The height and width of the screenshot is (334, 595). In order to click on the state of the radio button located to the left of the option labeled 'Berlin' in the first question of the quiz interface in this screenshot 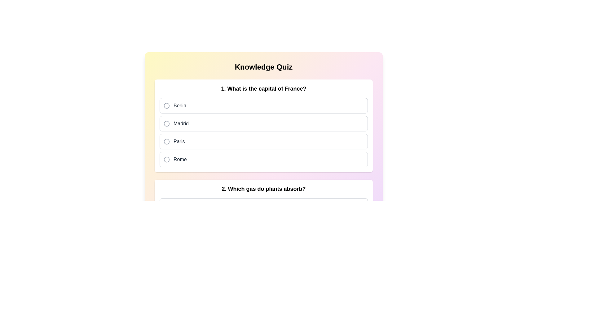, I will do `click(166, 105)`.